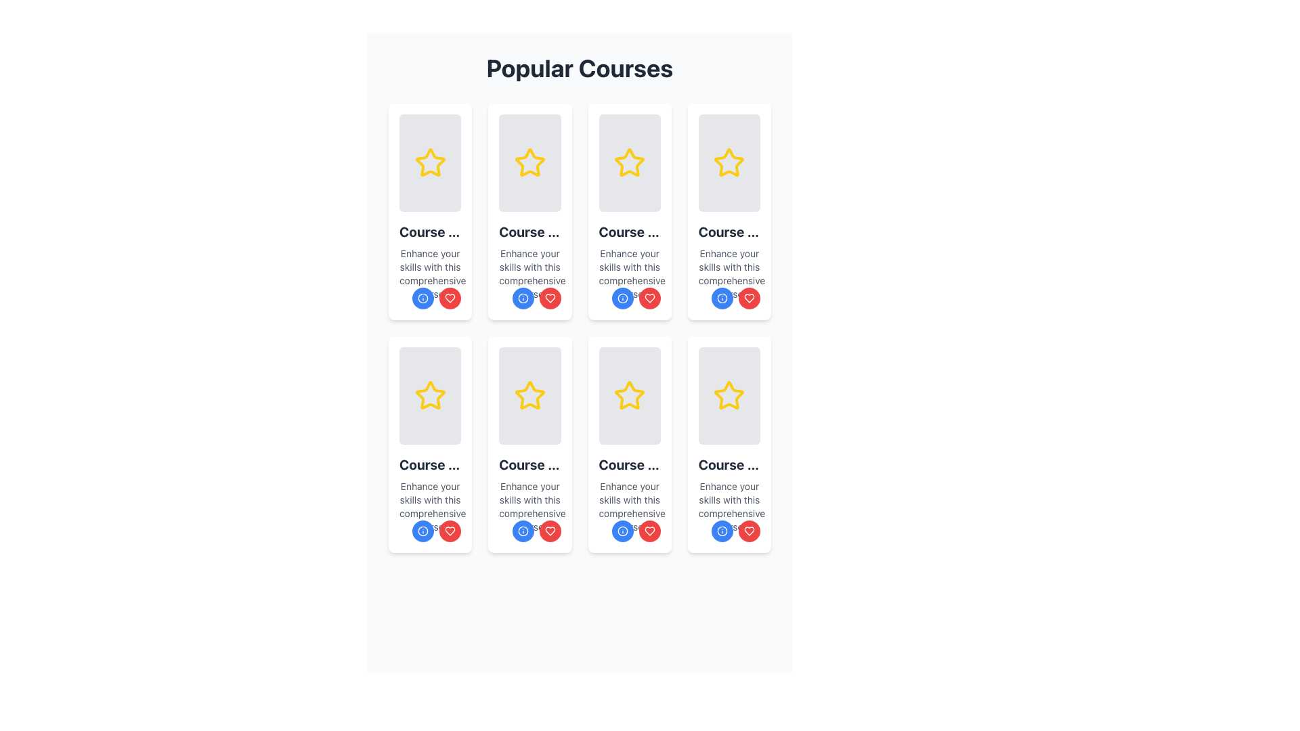 This screenshot has width=1300, height=731. I want to click on the third card in the top row of the grid layout under the heading 'Popular Courses' which represents a course offering, so click(629, 211).